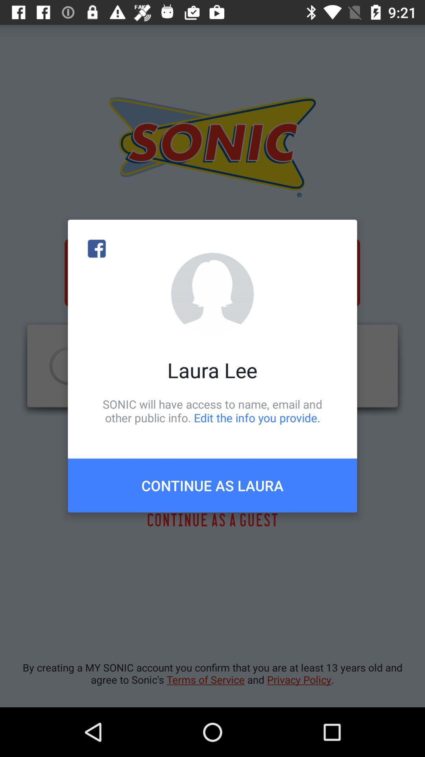 This screenshot has width=425, height=757. What do you see at coordinates (213, 485) in the screenshot?
I see `the item below sonic will have item` at bounding box center [213, 485].